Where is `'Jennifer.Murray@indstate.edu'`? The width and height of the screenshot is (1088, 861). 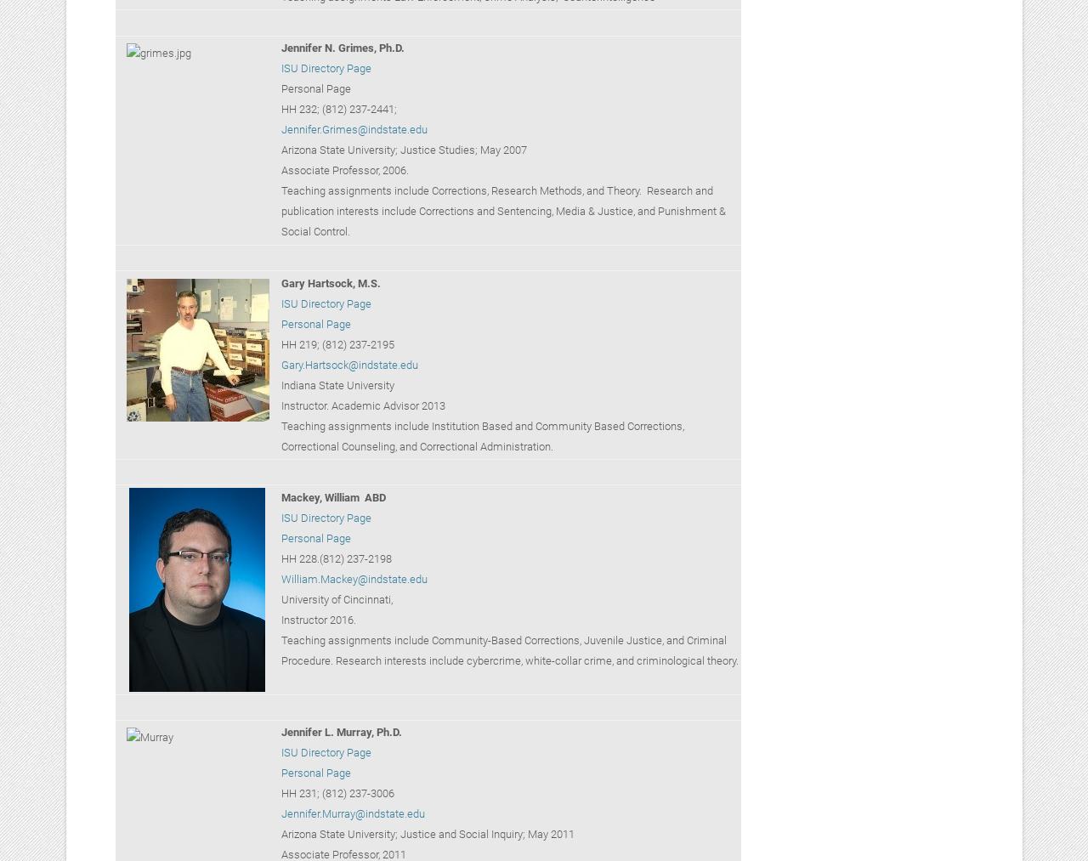
'Jennifer.Murray@indstate.edu' is located at coordinates (351, 813).